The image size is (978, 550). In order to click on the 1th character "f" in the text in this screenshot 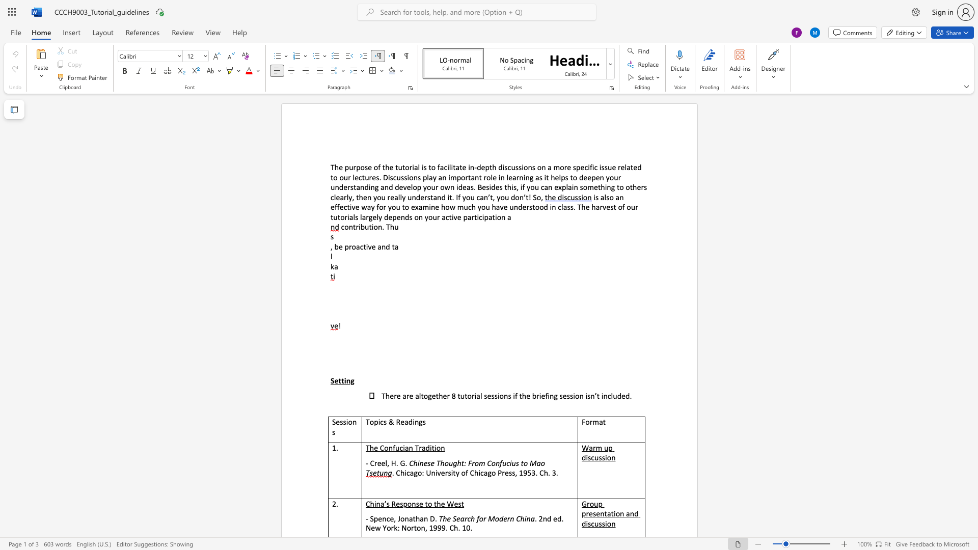, I will do `click(439, 167)`.